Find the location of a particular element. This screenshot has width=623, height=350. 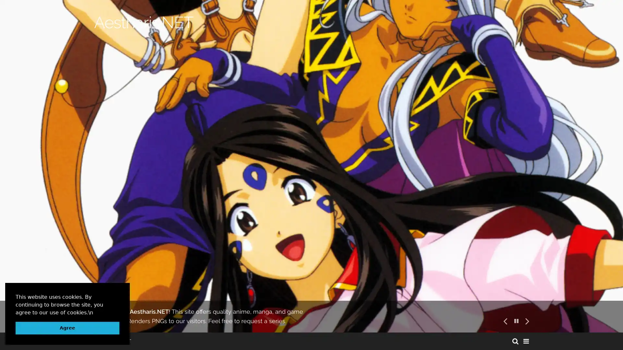

dismiss cookie message is located at coordinates (67, 328).